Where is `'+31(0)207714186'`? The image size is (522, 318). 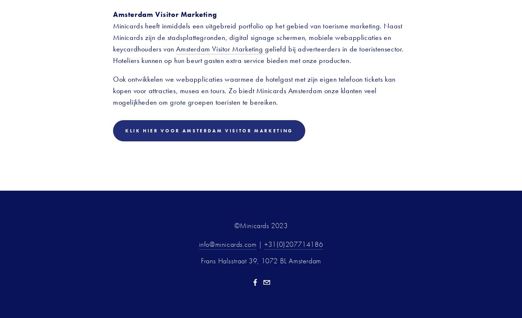
'+31(0)207714186' is located at coordinates (293, 244).